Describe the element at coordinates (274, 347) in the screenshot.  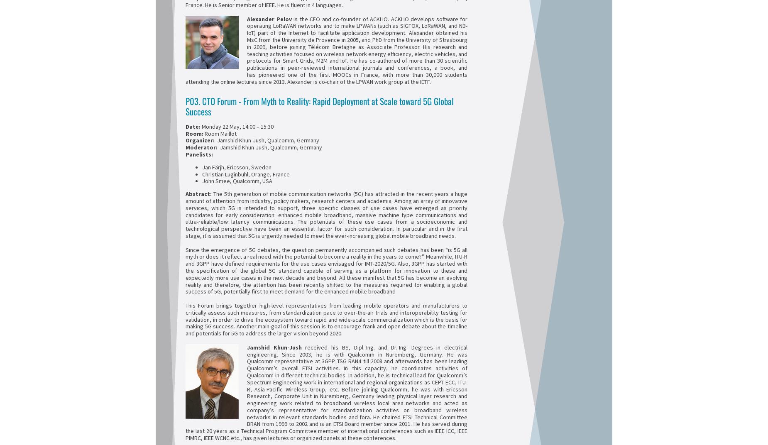
I see `'Jamshid Khun-Jush'` at that location.